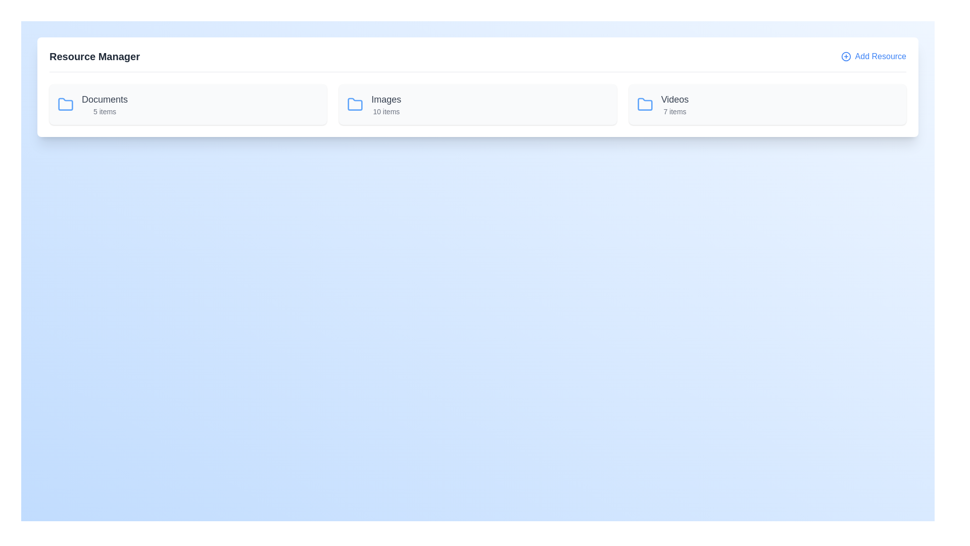 Image resolution: width=970 pixels, height=546 pixels. I want to click on the 'Documents' folder representation in the Resource Manager, so click(188, 105).